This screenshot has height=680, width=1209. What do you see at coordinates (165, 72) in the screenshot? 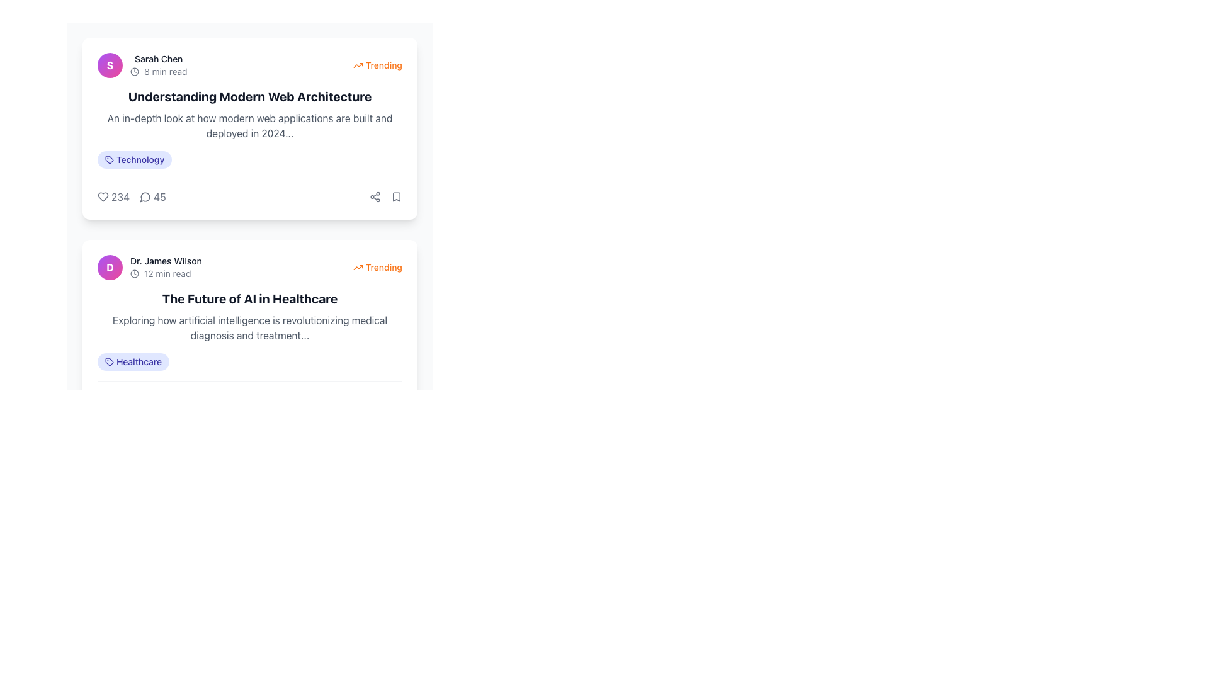
I see `the static text label displaying '8 min read', which is styled in gray color and located to the right of a clock icon` at bounding box center [165, 72].